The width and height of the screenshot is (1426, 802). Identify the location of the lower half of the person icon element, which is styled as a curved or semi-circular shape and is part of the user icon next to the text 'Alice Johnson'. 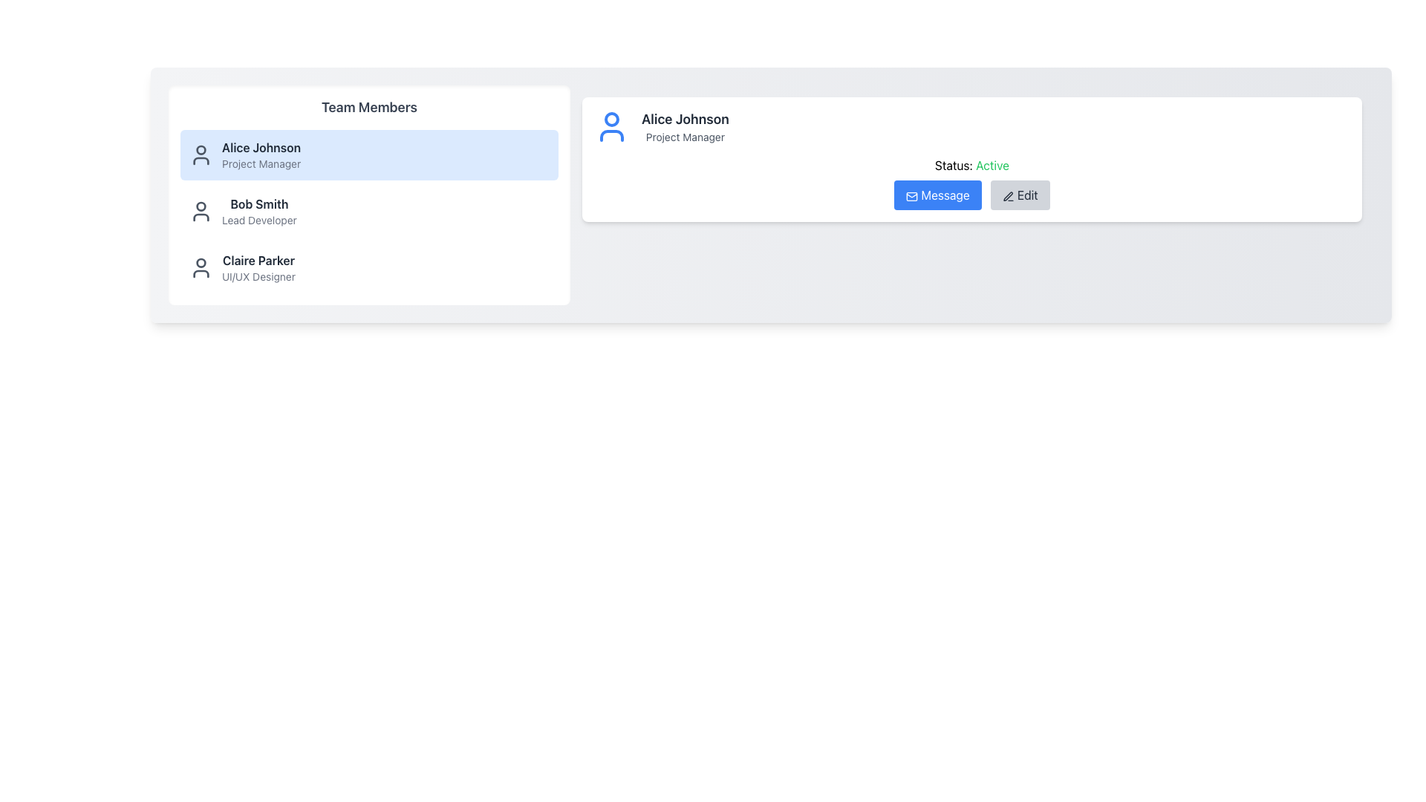
(200, 160).